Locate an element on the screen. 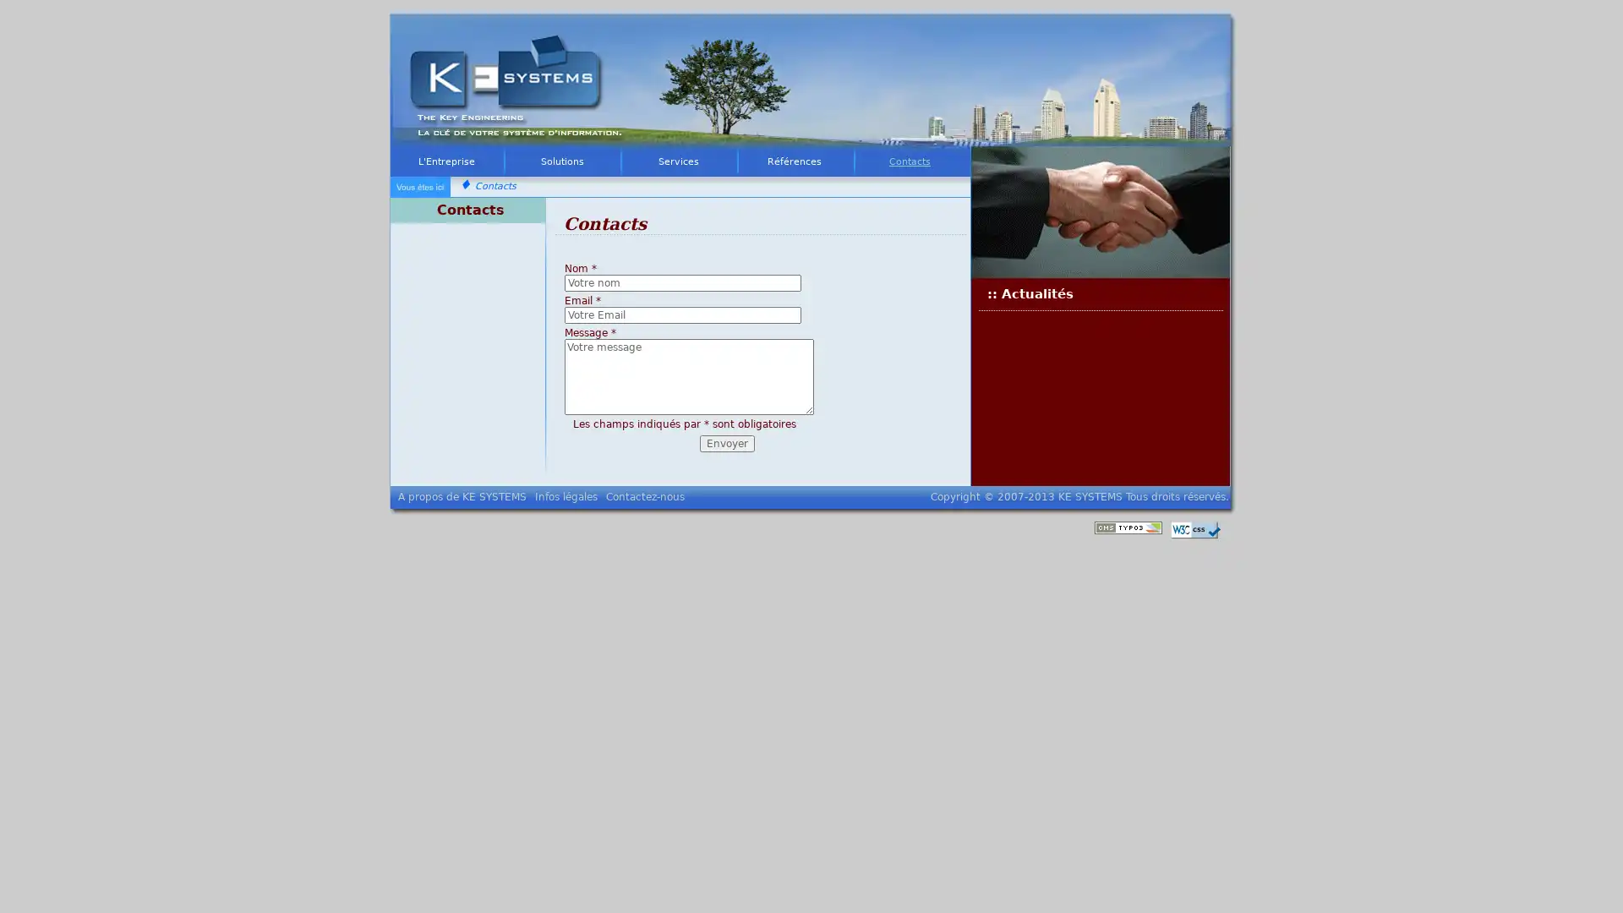 The height and width of the screenshot is (913, 1623). Envoyer is located at coordinates (727, 442).